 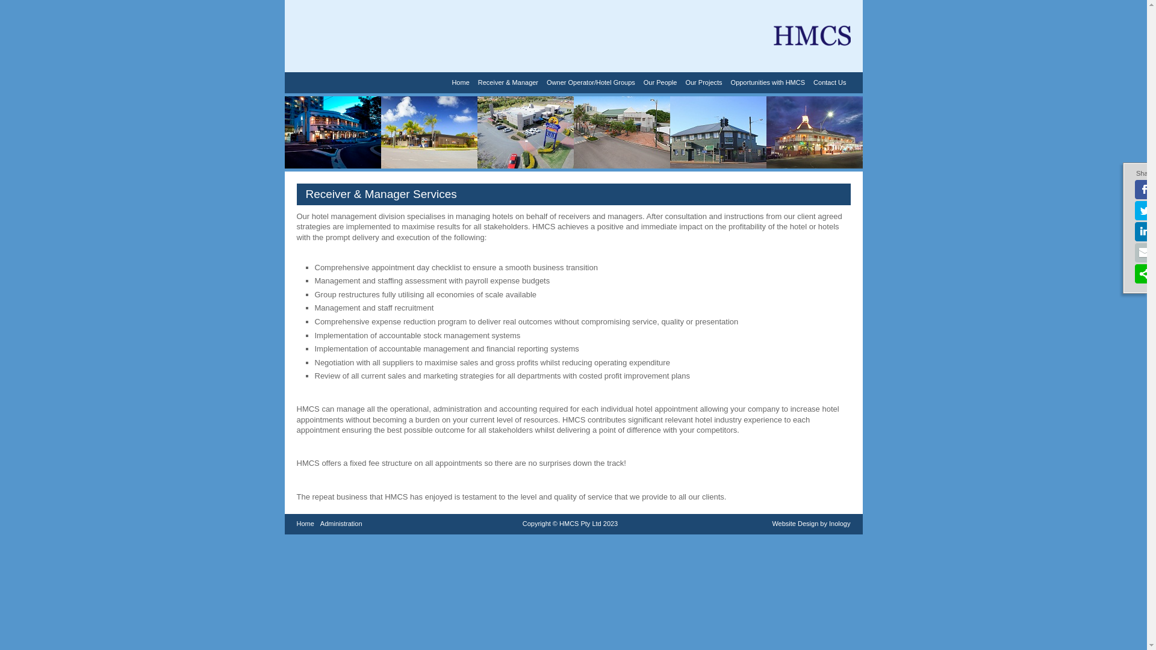 I want to click on 'Administration', so click(x=340, y=524).